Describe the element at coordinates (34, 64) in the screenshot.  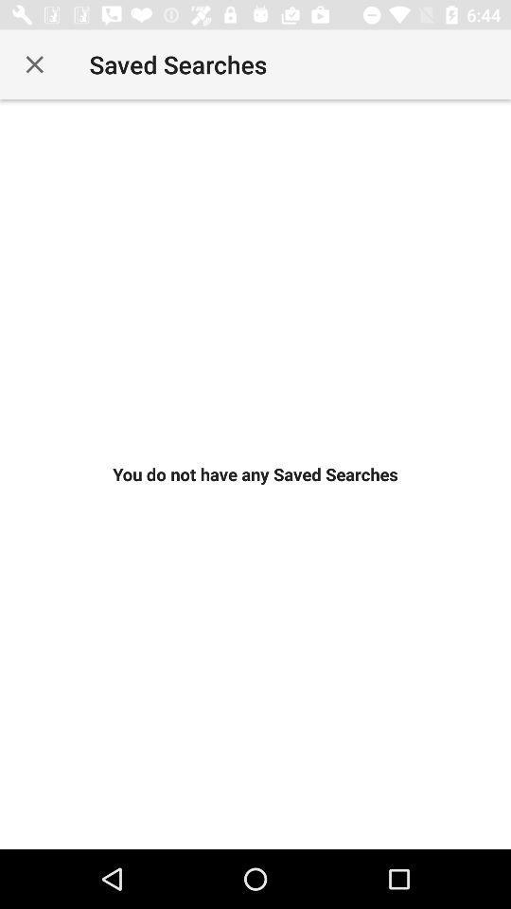
I see `exit saved searches` at that location.